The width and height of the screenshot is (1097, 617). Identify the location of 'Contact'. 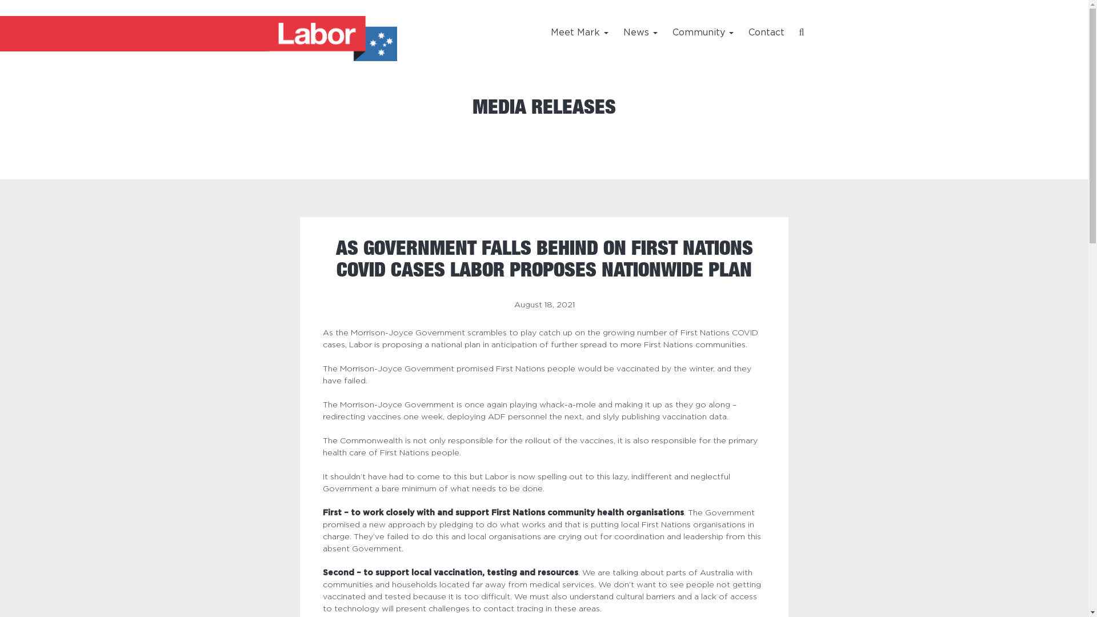
(766, 31).